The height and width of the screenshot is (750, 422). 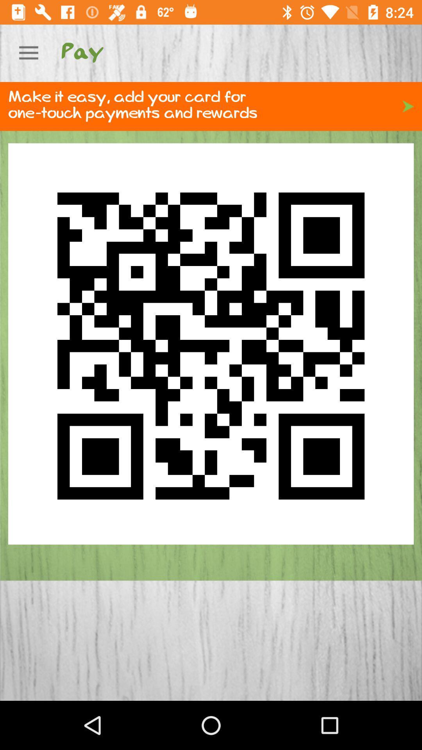 What do you see at coordinates (28, 53) in the screenshot?
I see `the app next to pay` at bounding box center [28, 53].